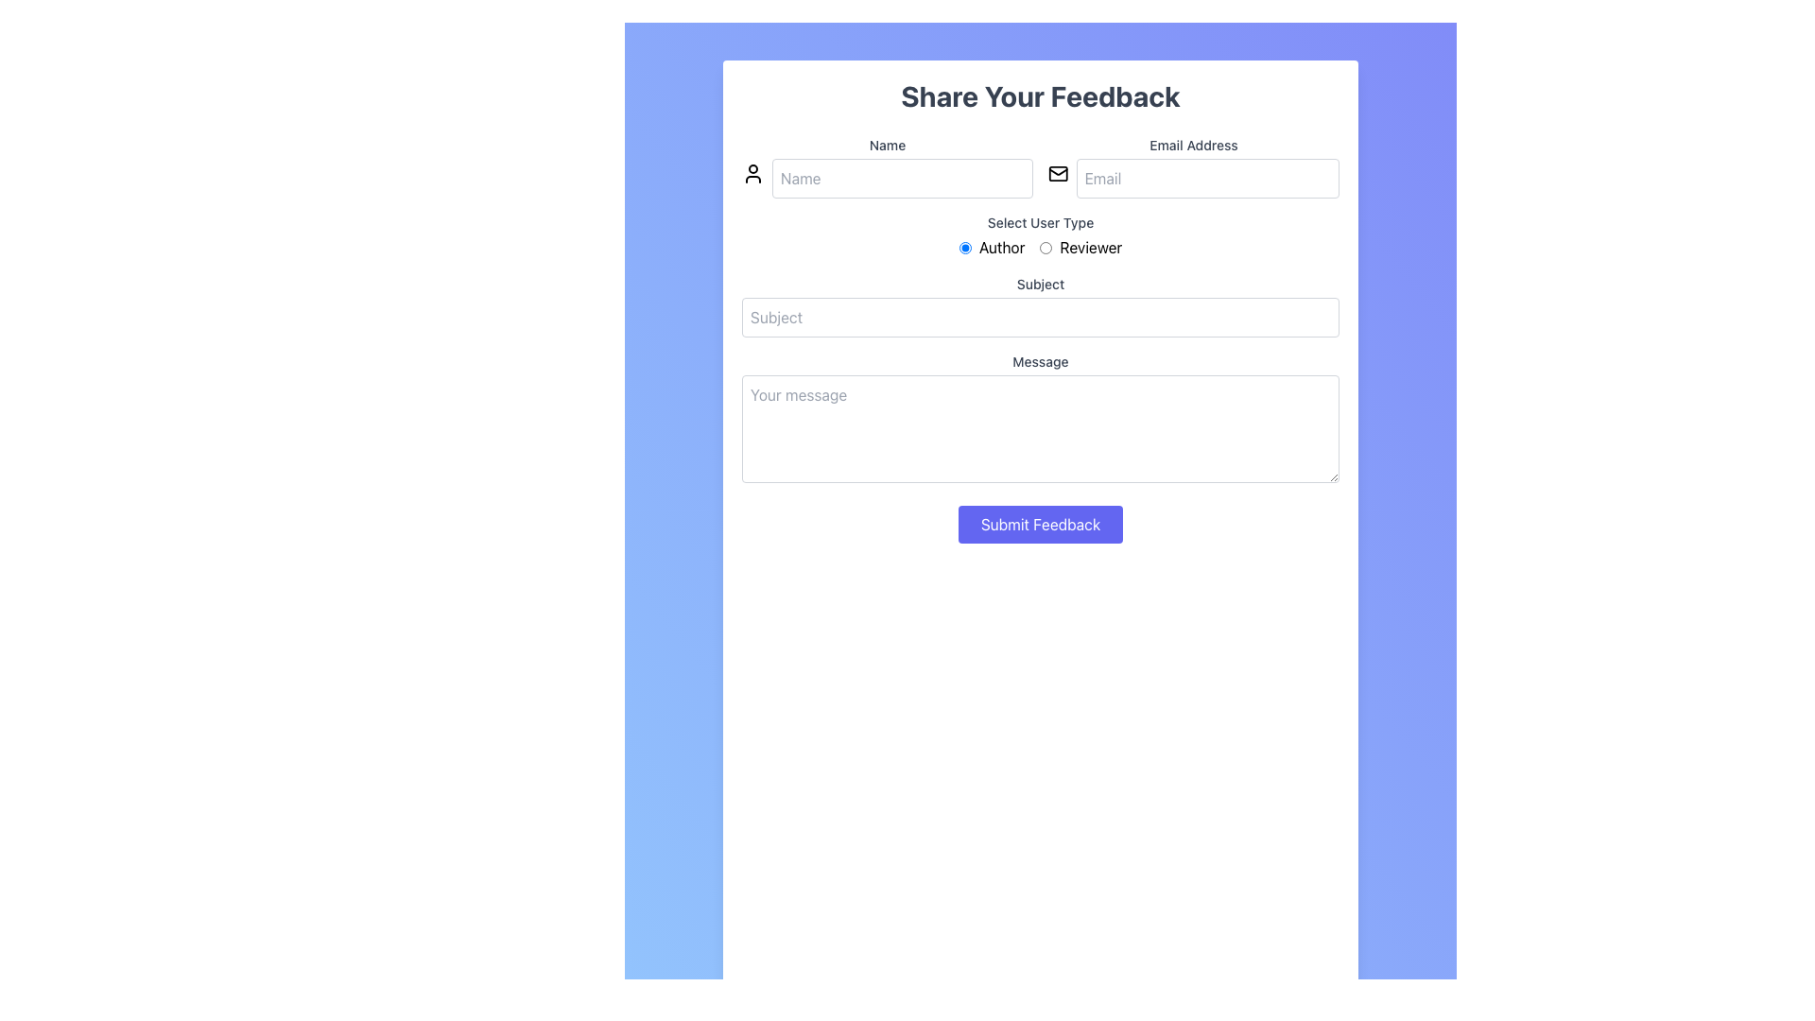 The height and width of the screenshot is (1021, 1815). I want to click on the 'Author' radio button located in the 'Select User Type' section of the feedback form, so click(965, 247).